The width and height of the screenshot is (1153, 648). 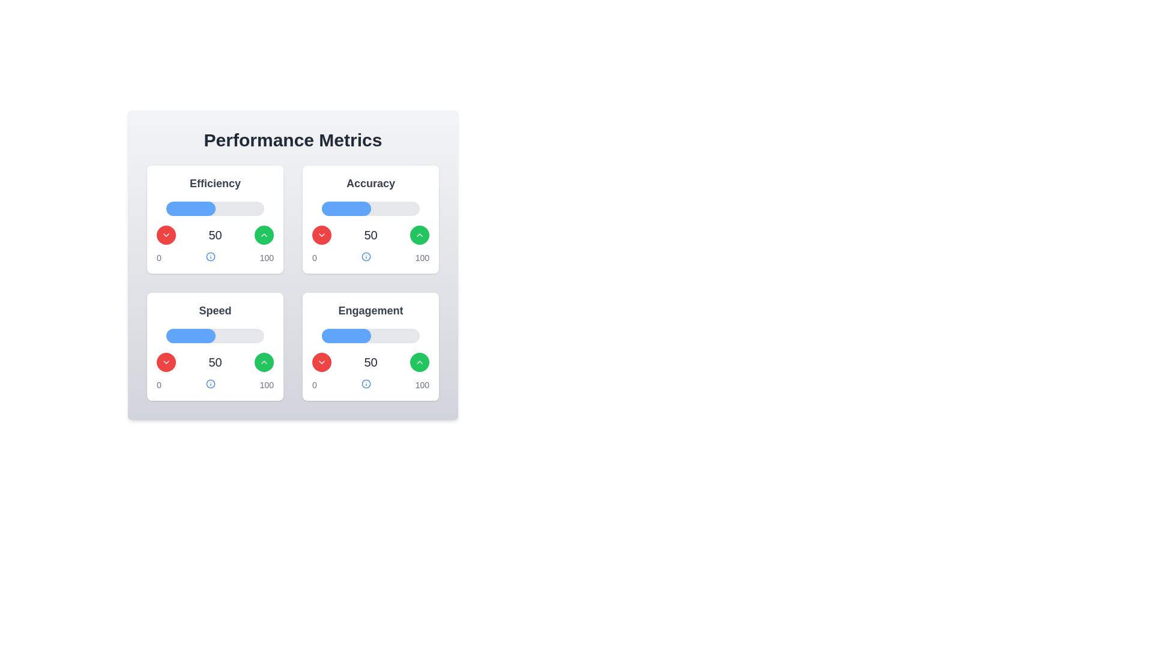 I want to click on the static text element indicating a minimum value within the Performance Metrics dashboard, located at the bottom-left corner of the Efficiency card component, so click(x=158, y=257).